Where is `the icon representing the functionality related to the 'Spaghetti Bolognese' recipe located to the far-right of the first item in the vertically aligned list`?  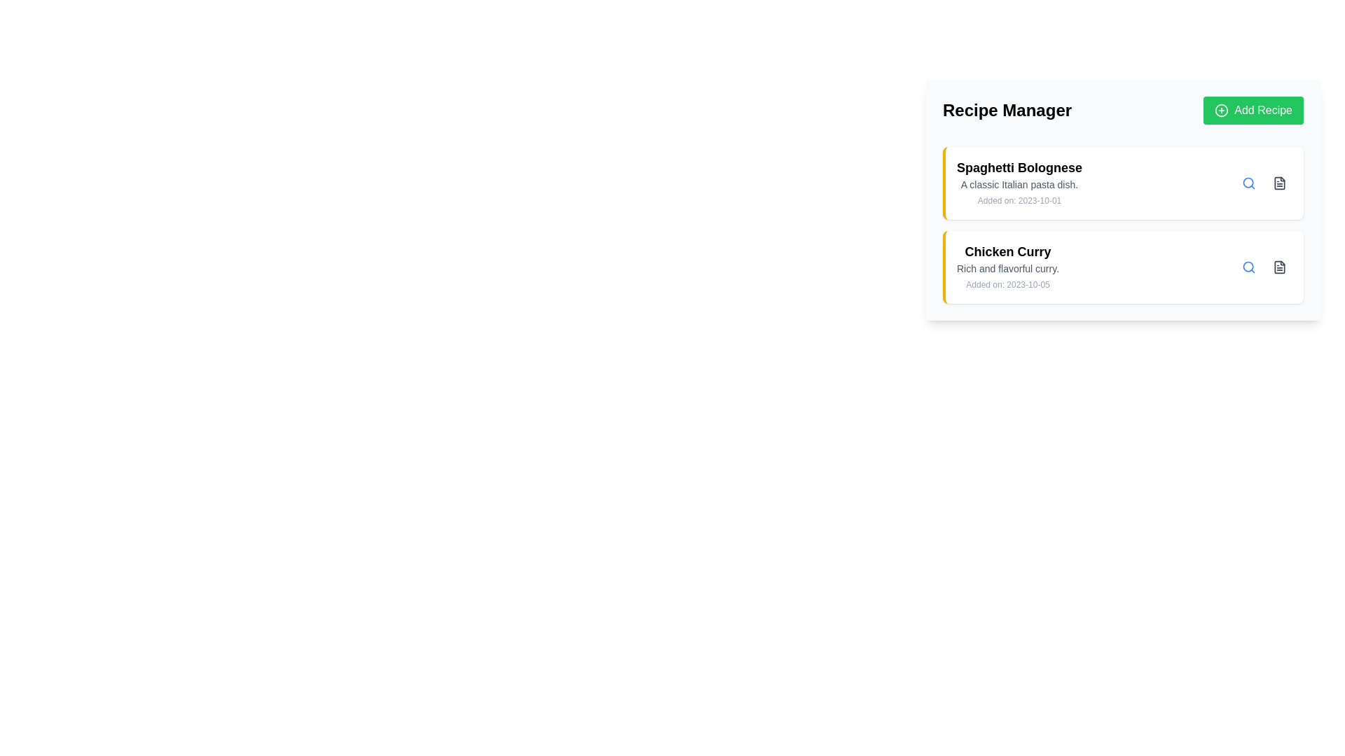 the icon representing the functionality related to the 'Spaghetti Bolognese' recipe located to the far-right of the first item in the vertically aligned list is located at coordinates (1280, 183).